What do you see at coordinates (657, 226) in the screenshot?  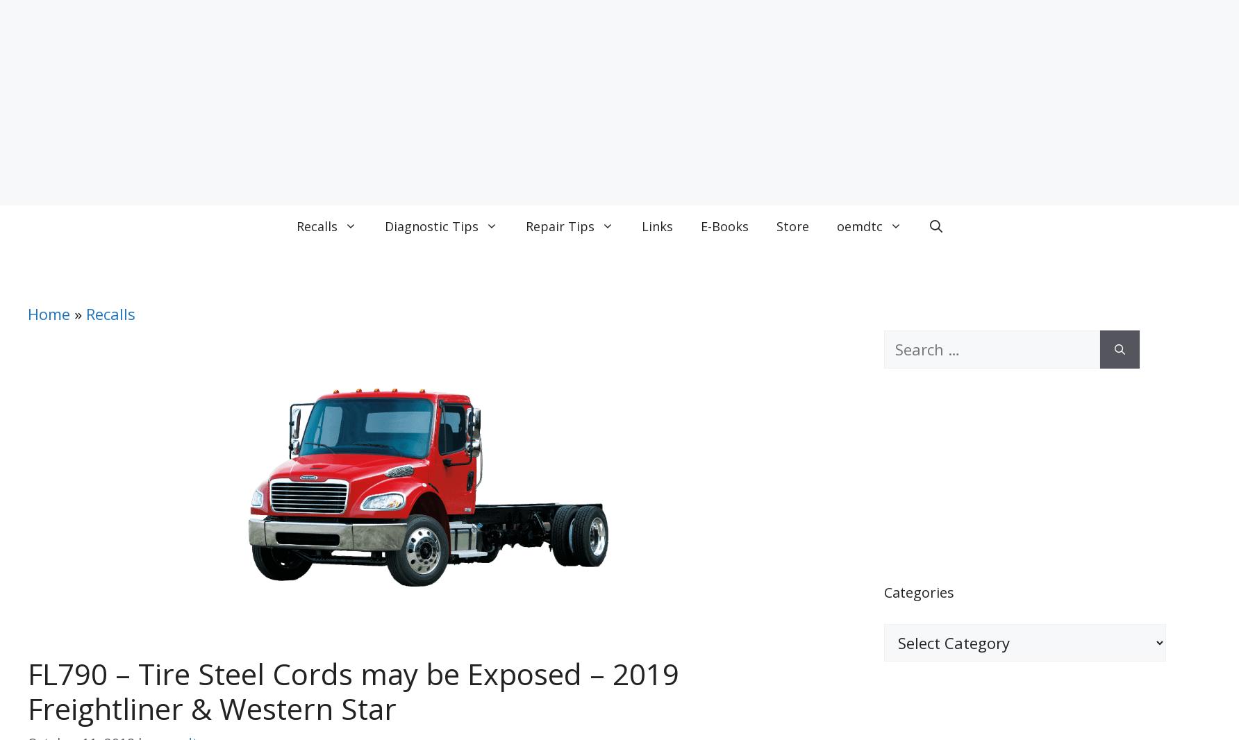 I see `'Links'` at bounding box center [657, 226].